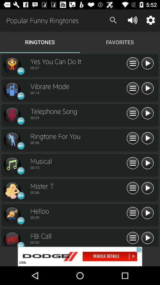 Image resolution: width=160 pixels, height=285 pixels. What do you see at coordinates (12, 115) in the screenshot?
I see `ringtines song option` at bounding box center [12, 115].